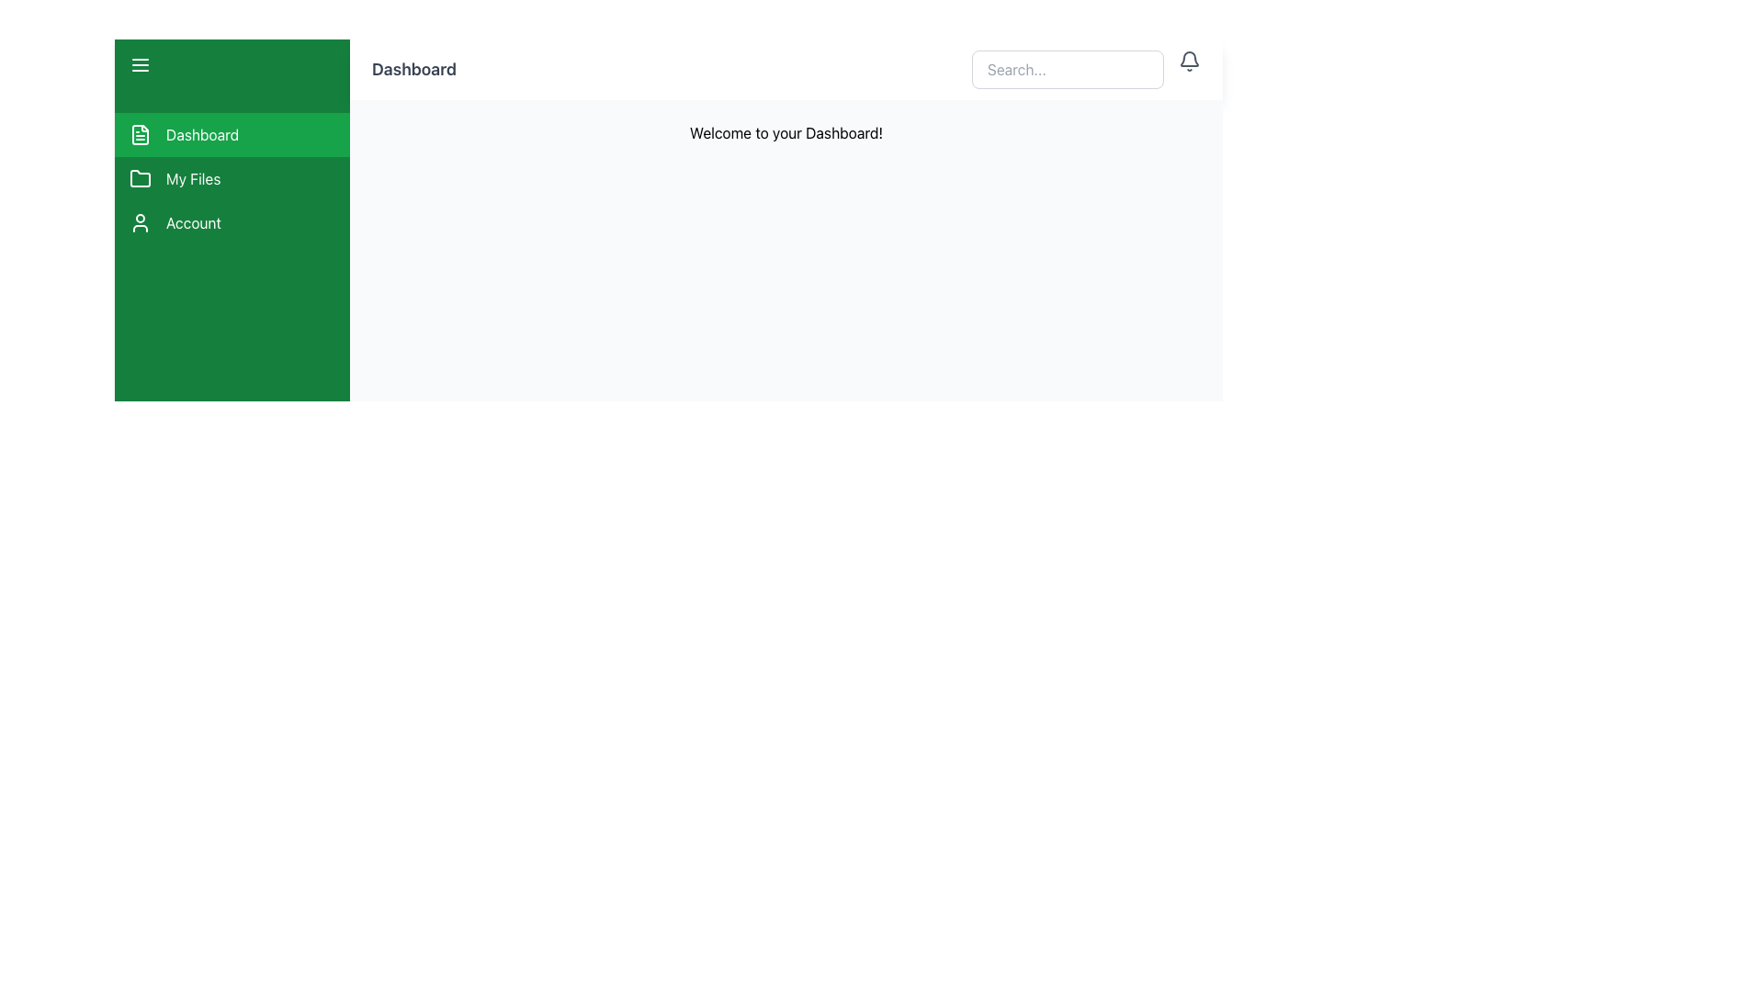 Image resolution: width=1764 pixels, height=992 pixels. Describe the element at coordinates (140, 222) in the screenshot. I see `the user account icon in the vertical navigation menu, located next to the text 'Account'` at that location.